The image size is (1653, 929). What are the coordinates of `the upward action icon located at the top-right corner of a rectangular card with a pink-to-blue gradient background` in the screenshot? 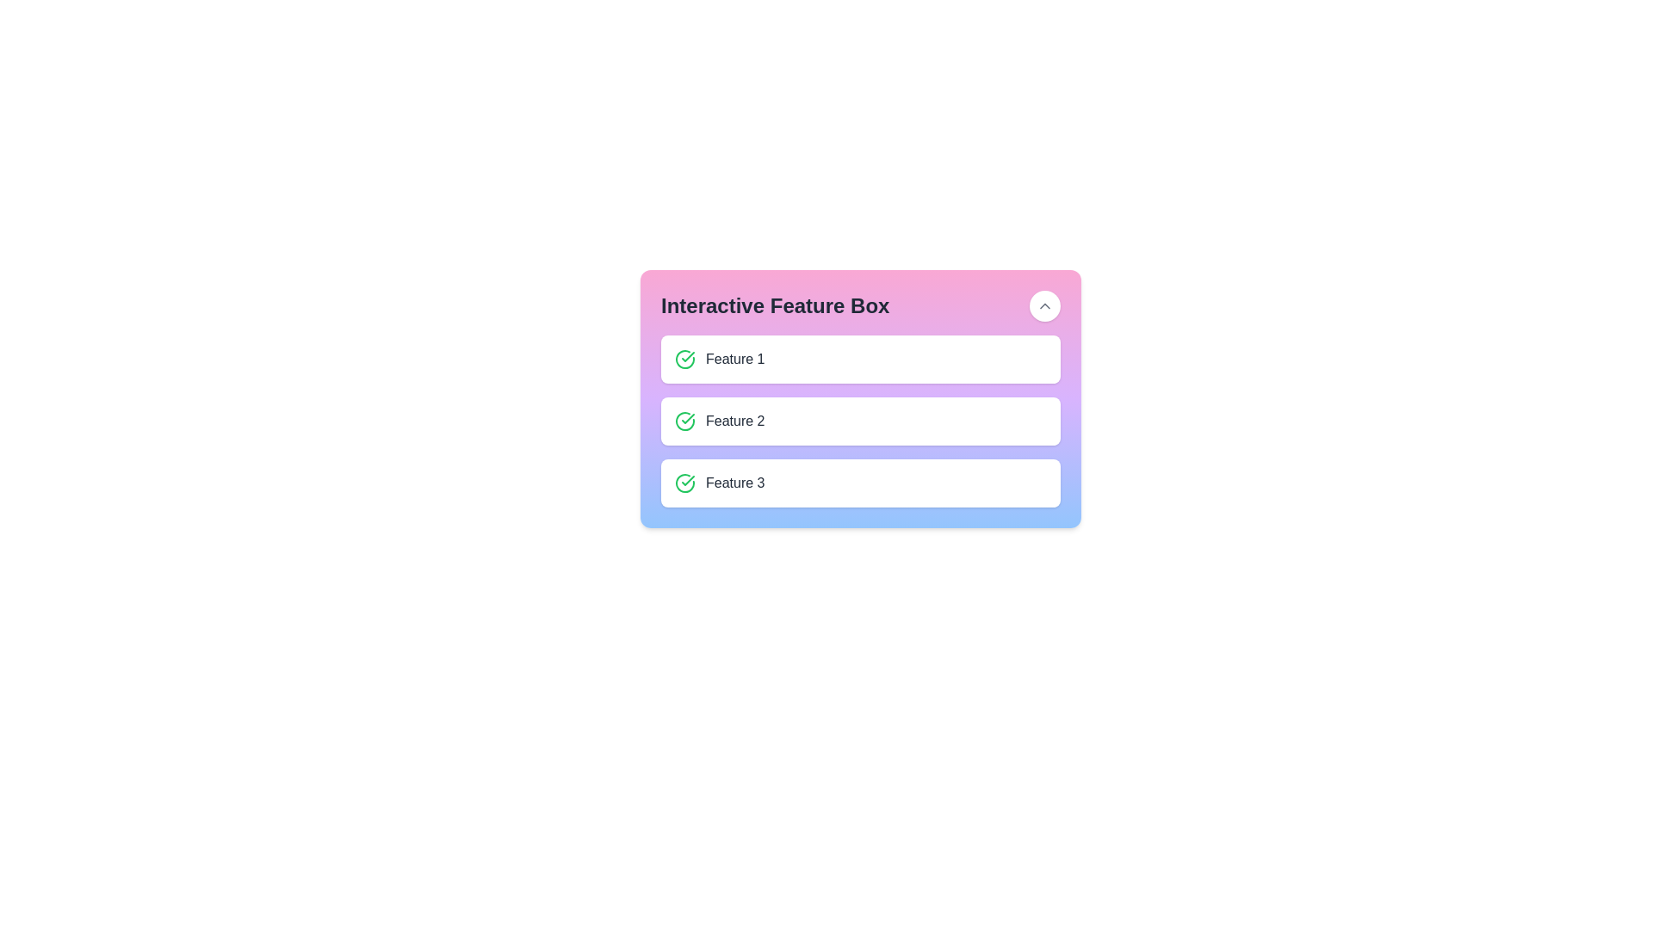 It's located at (1044, 305).